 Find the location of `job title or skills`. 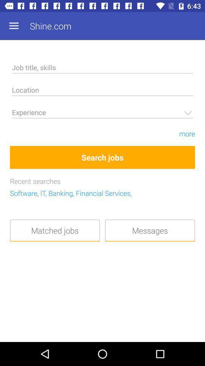

job title or skills is located at coordinates (102, 68).